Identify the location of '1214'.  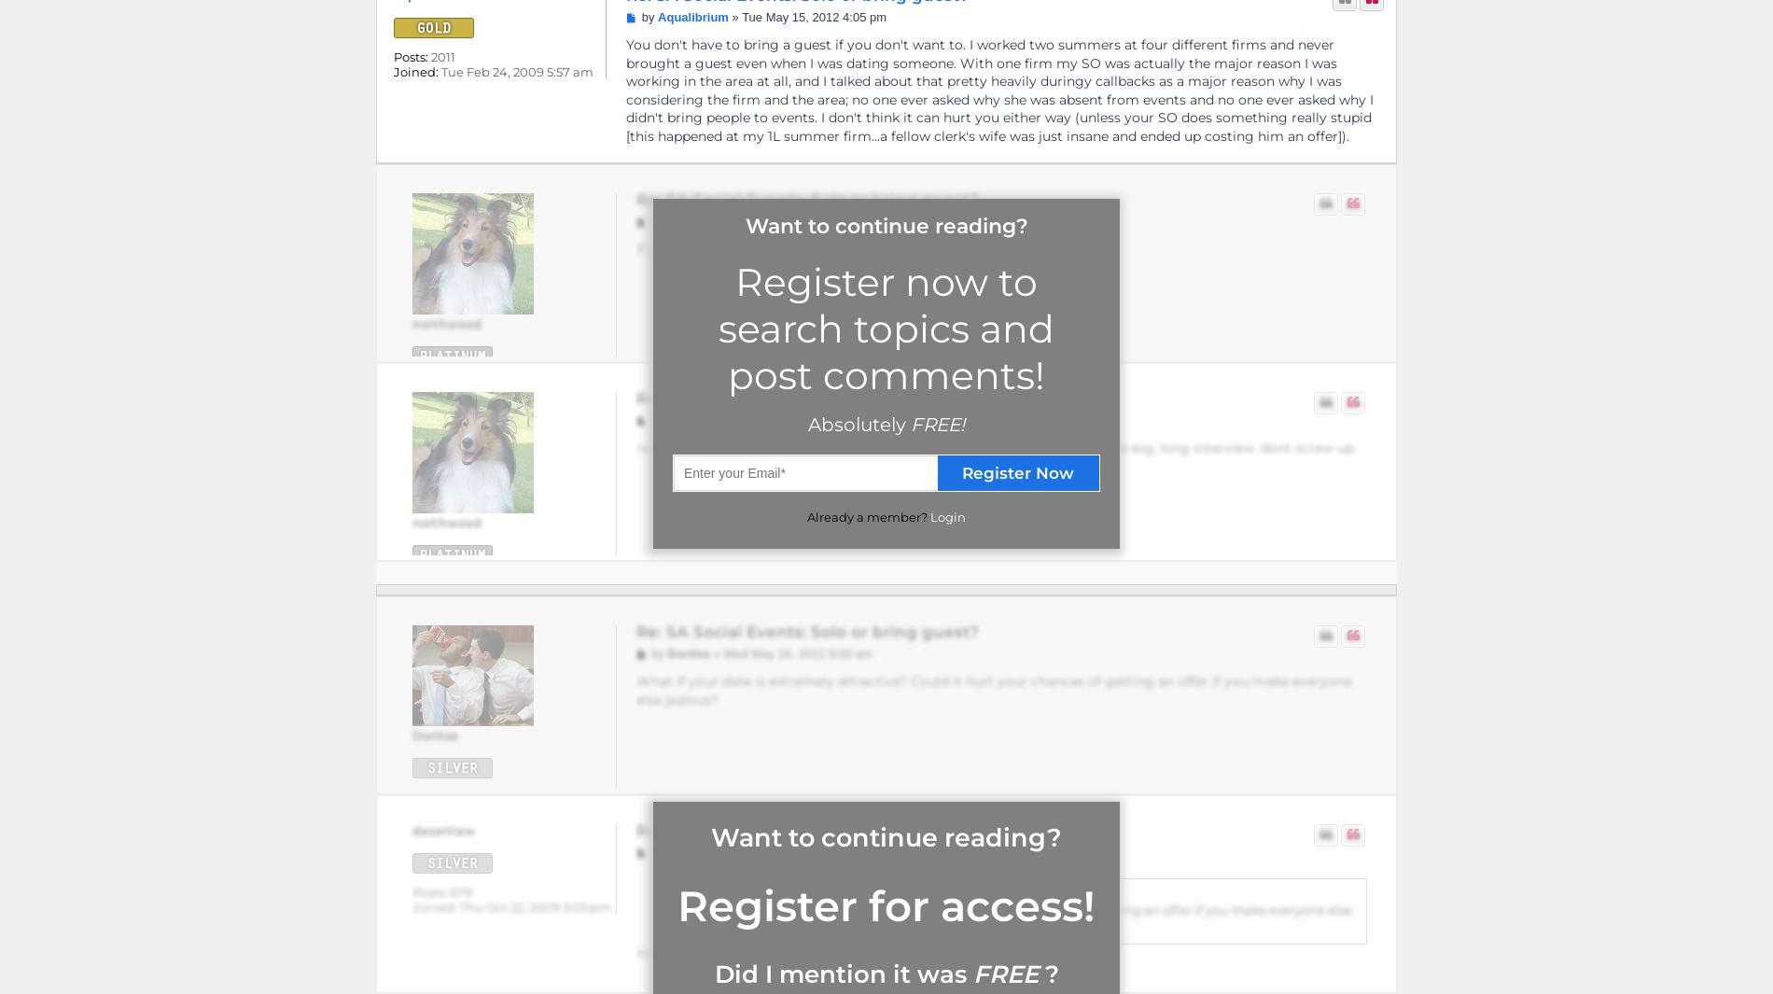
(446, 797).